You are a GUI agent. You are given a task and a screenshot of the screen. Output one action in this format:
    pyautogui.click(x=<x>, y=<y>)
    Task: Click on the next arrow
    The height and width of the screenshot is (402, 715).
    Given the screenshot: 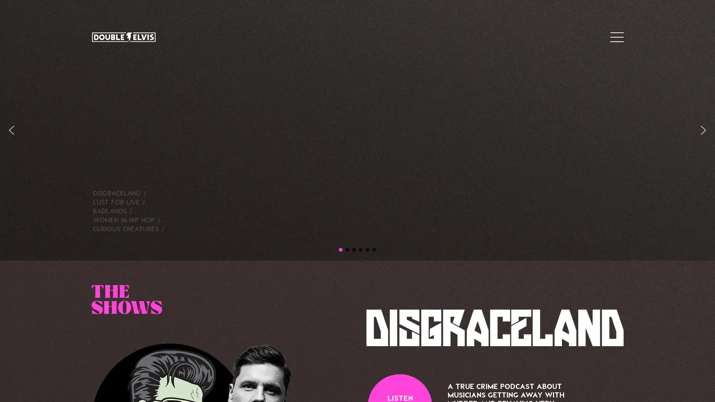 What is the action you would take?
    pyautogui.click(x=703, y=130)
    